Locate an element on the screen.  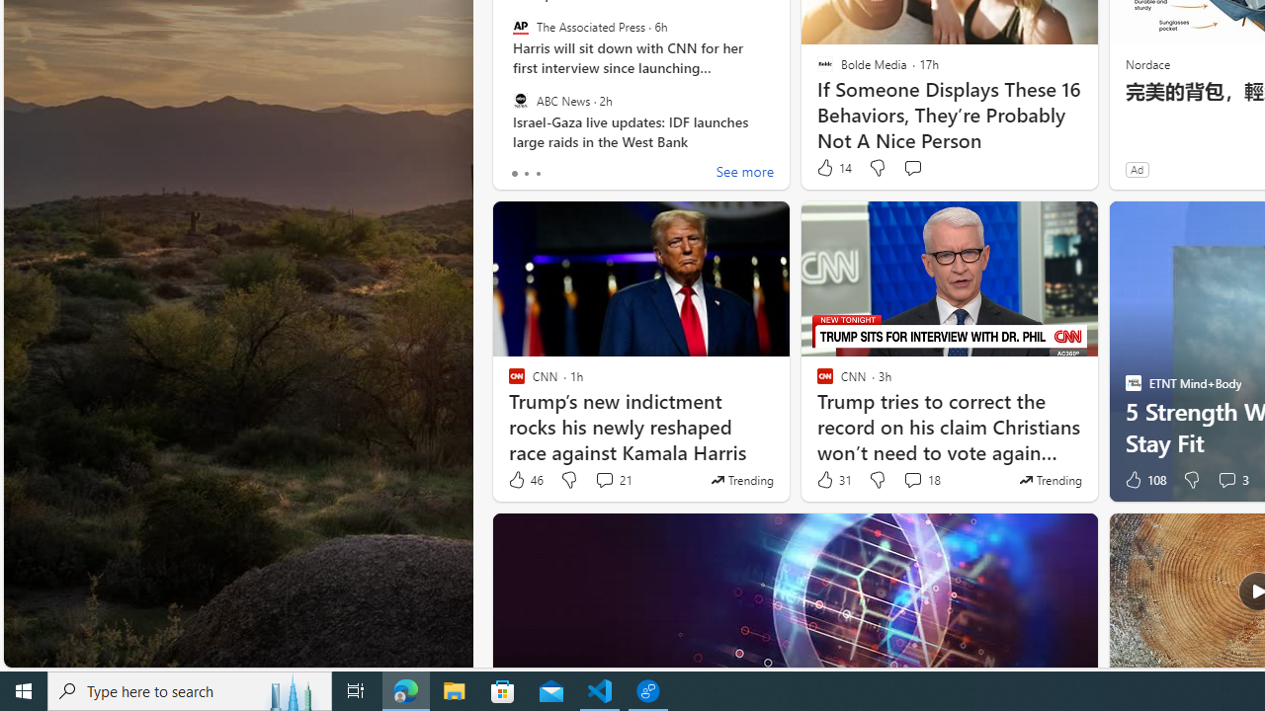
'Ad' is located at coordinates (1137, 168).